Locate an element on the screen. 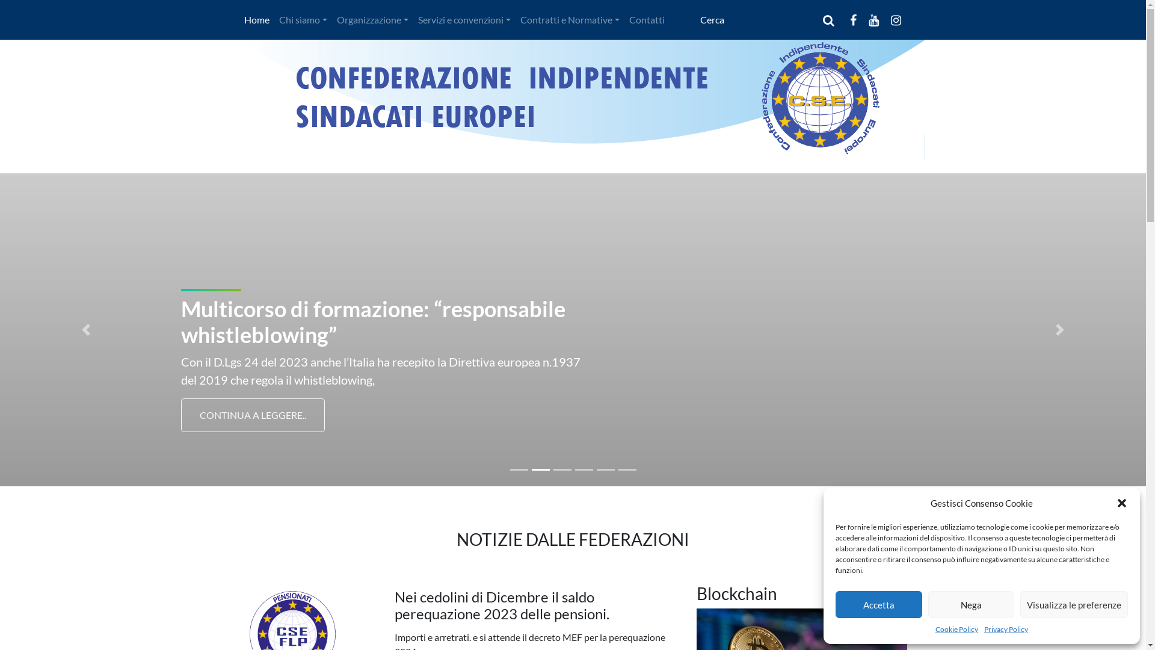  'Home' is located at coordinates (256, 20).